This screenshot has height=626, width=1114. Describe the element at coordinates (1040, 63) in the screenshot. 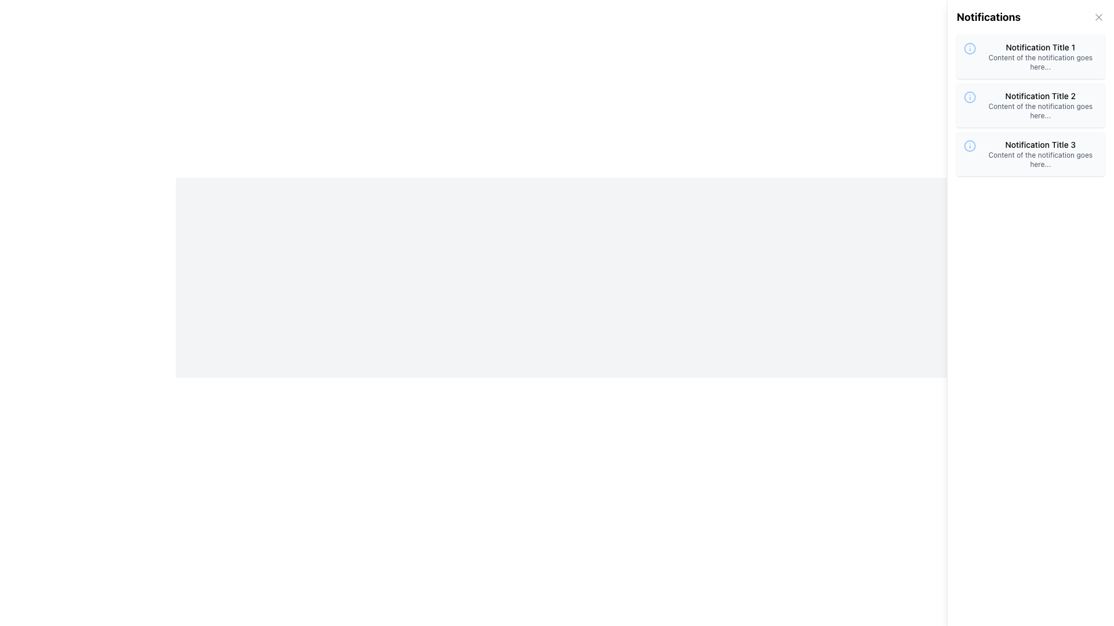

I see `the text snippet styled in small, gray font displaying the message 'Content of the notification goes here...' located under the bold title 'Notification Title 1' in the right-aligned notification panel` at that location.